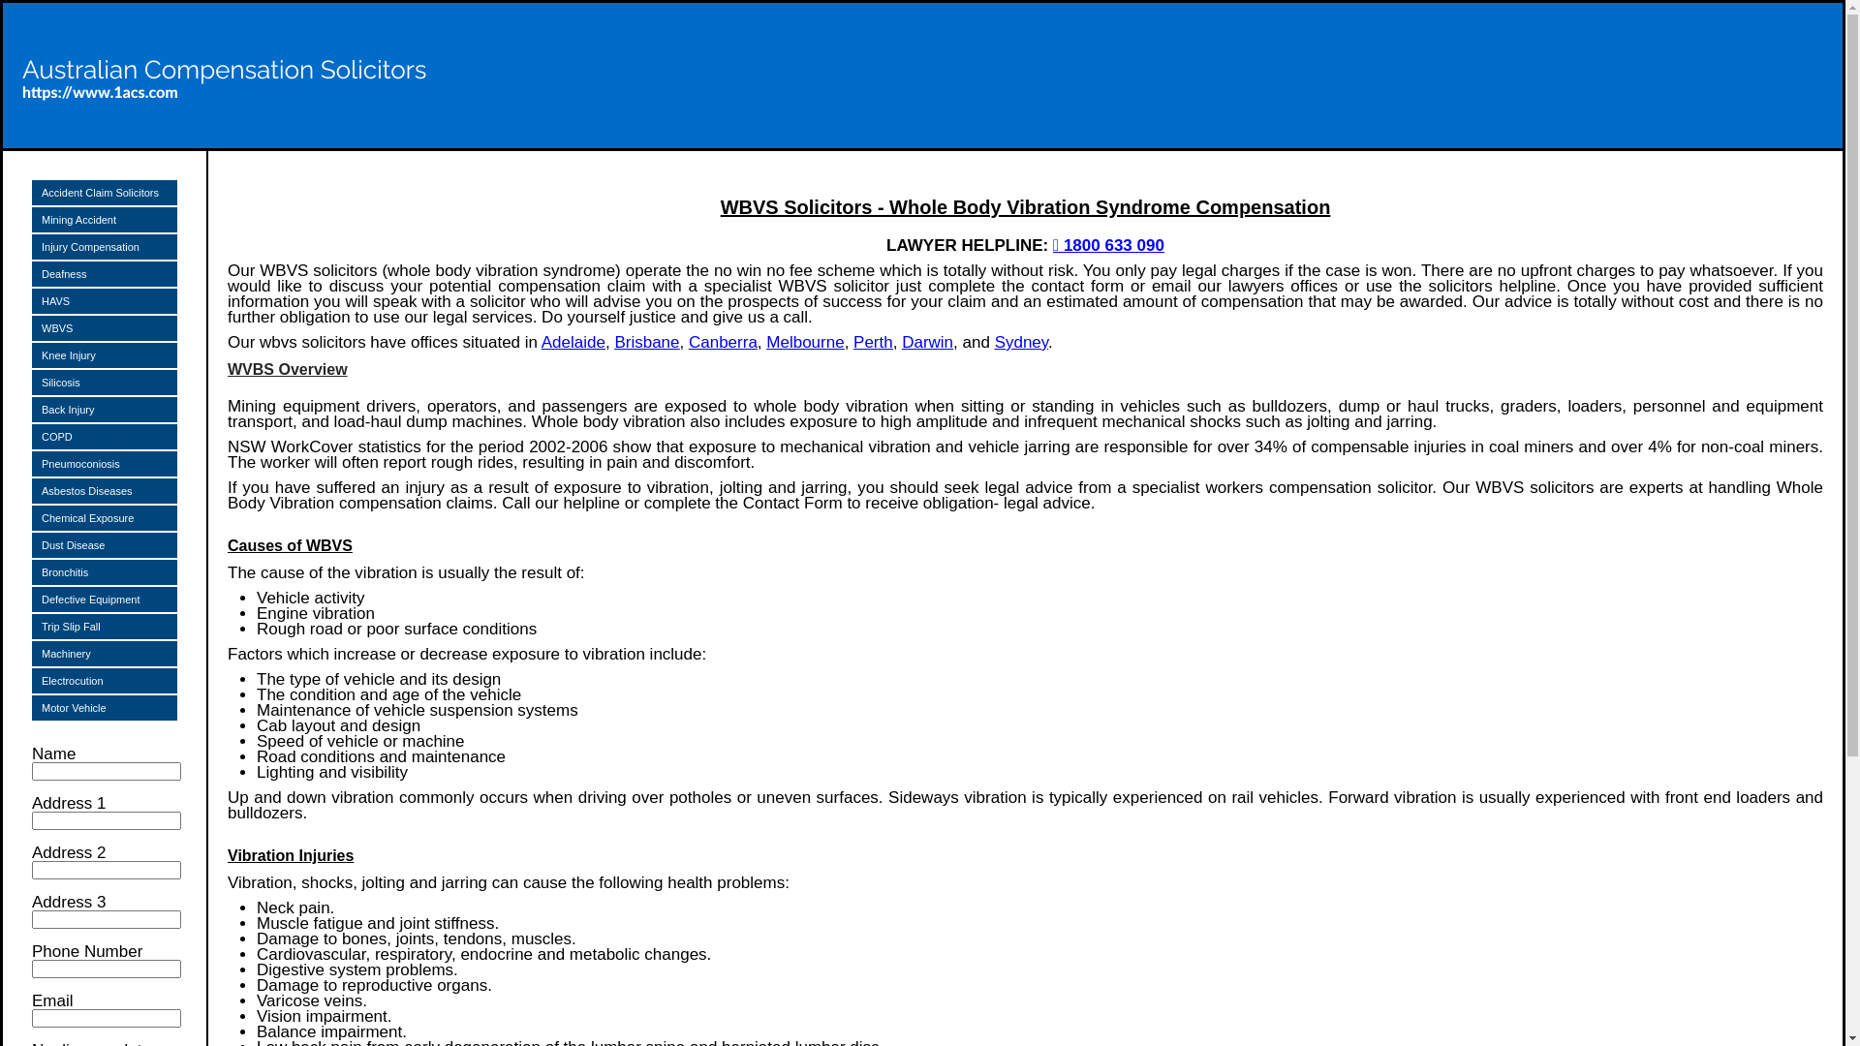 The height and width of the screenshot is (1046, 1860). What do you see at coordinates (103, 301) in the screenshot?
I see `'HAVS'` at bounding box center [103, 301].